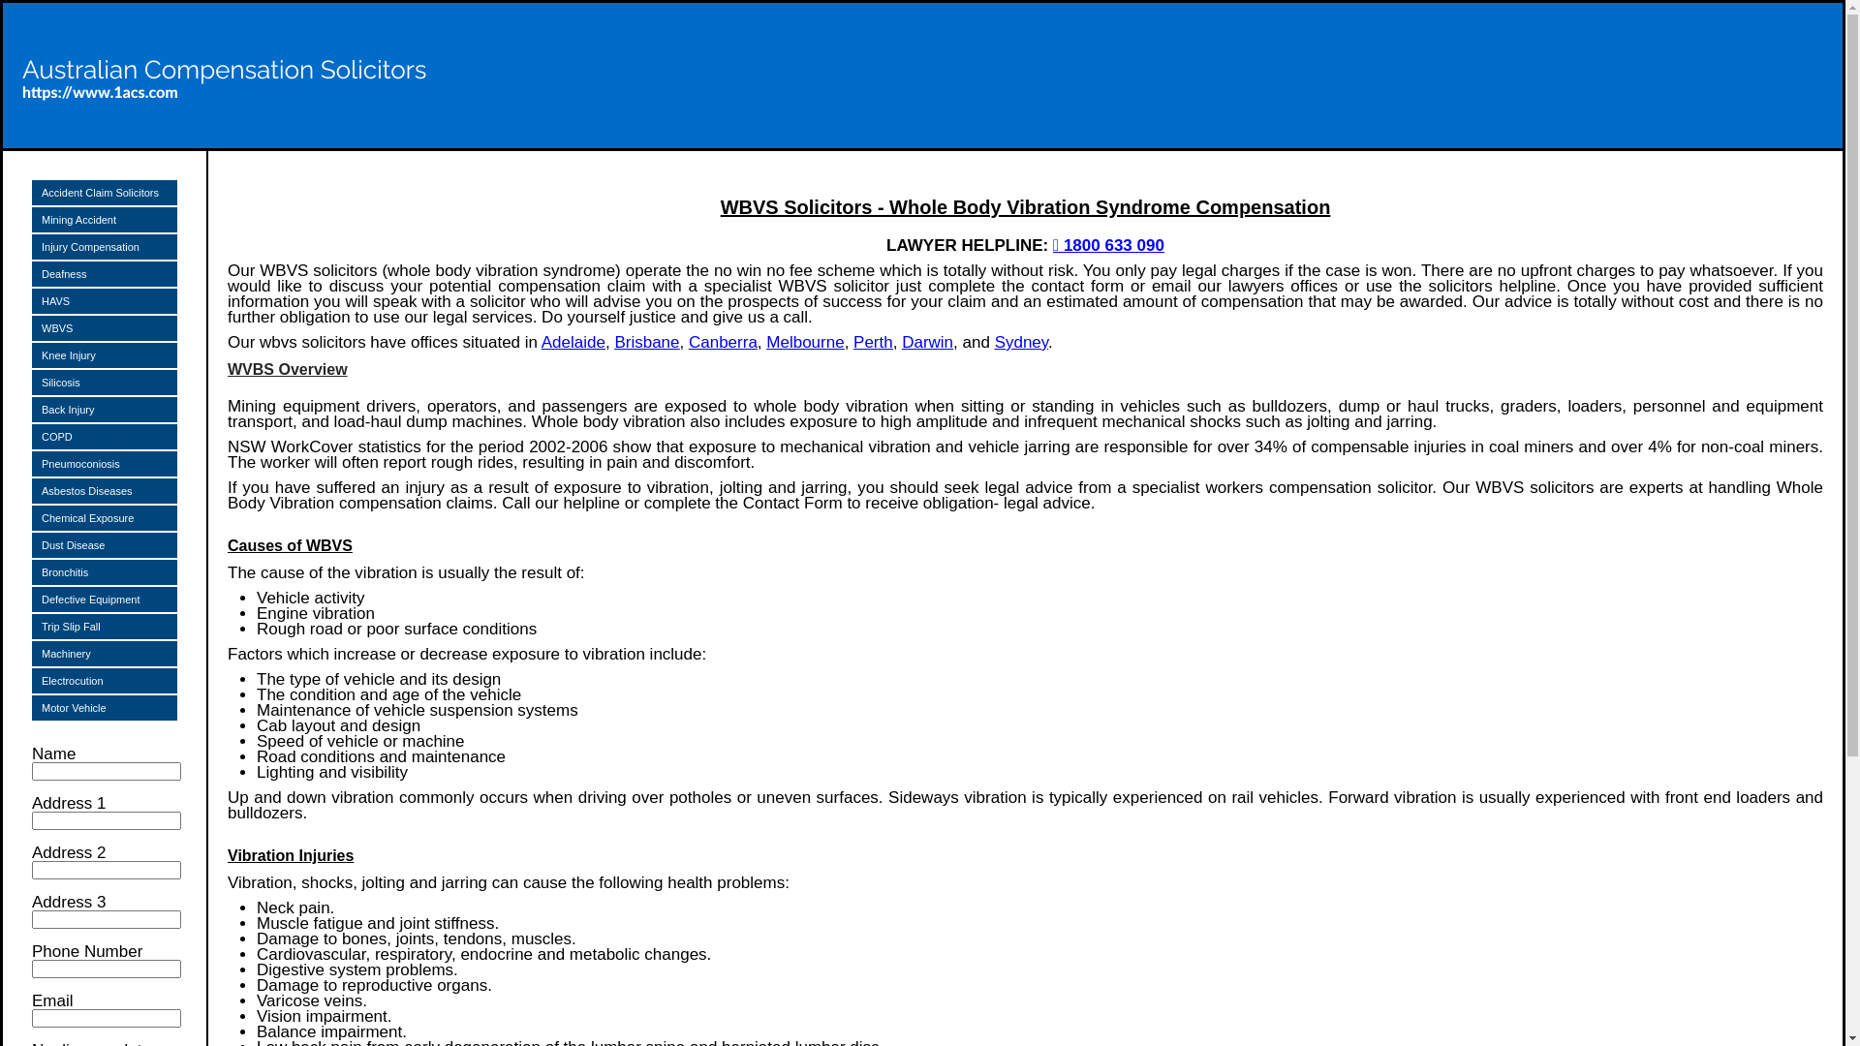 The height and width of the screenshot is (1046, 1860). What do you see at coordinates (103, 301) in the screenshot?
I see `'HAVS'` at bounding box center [103, 301].